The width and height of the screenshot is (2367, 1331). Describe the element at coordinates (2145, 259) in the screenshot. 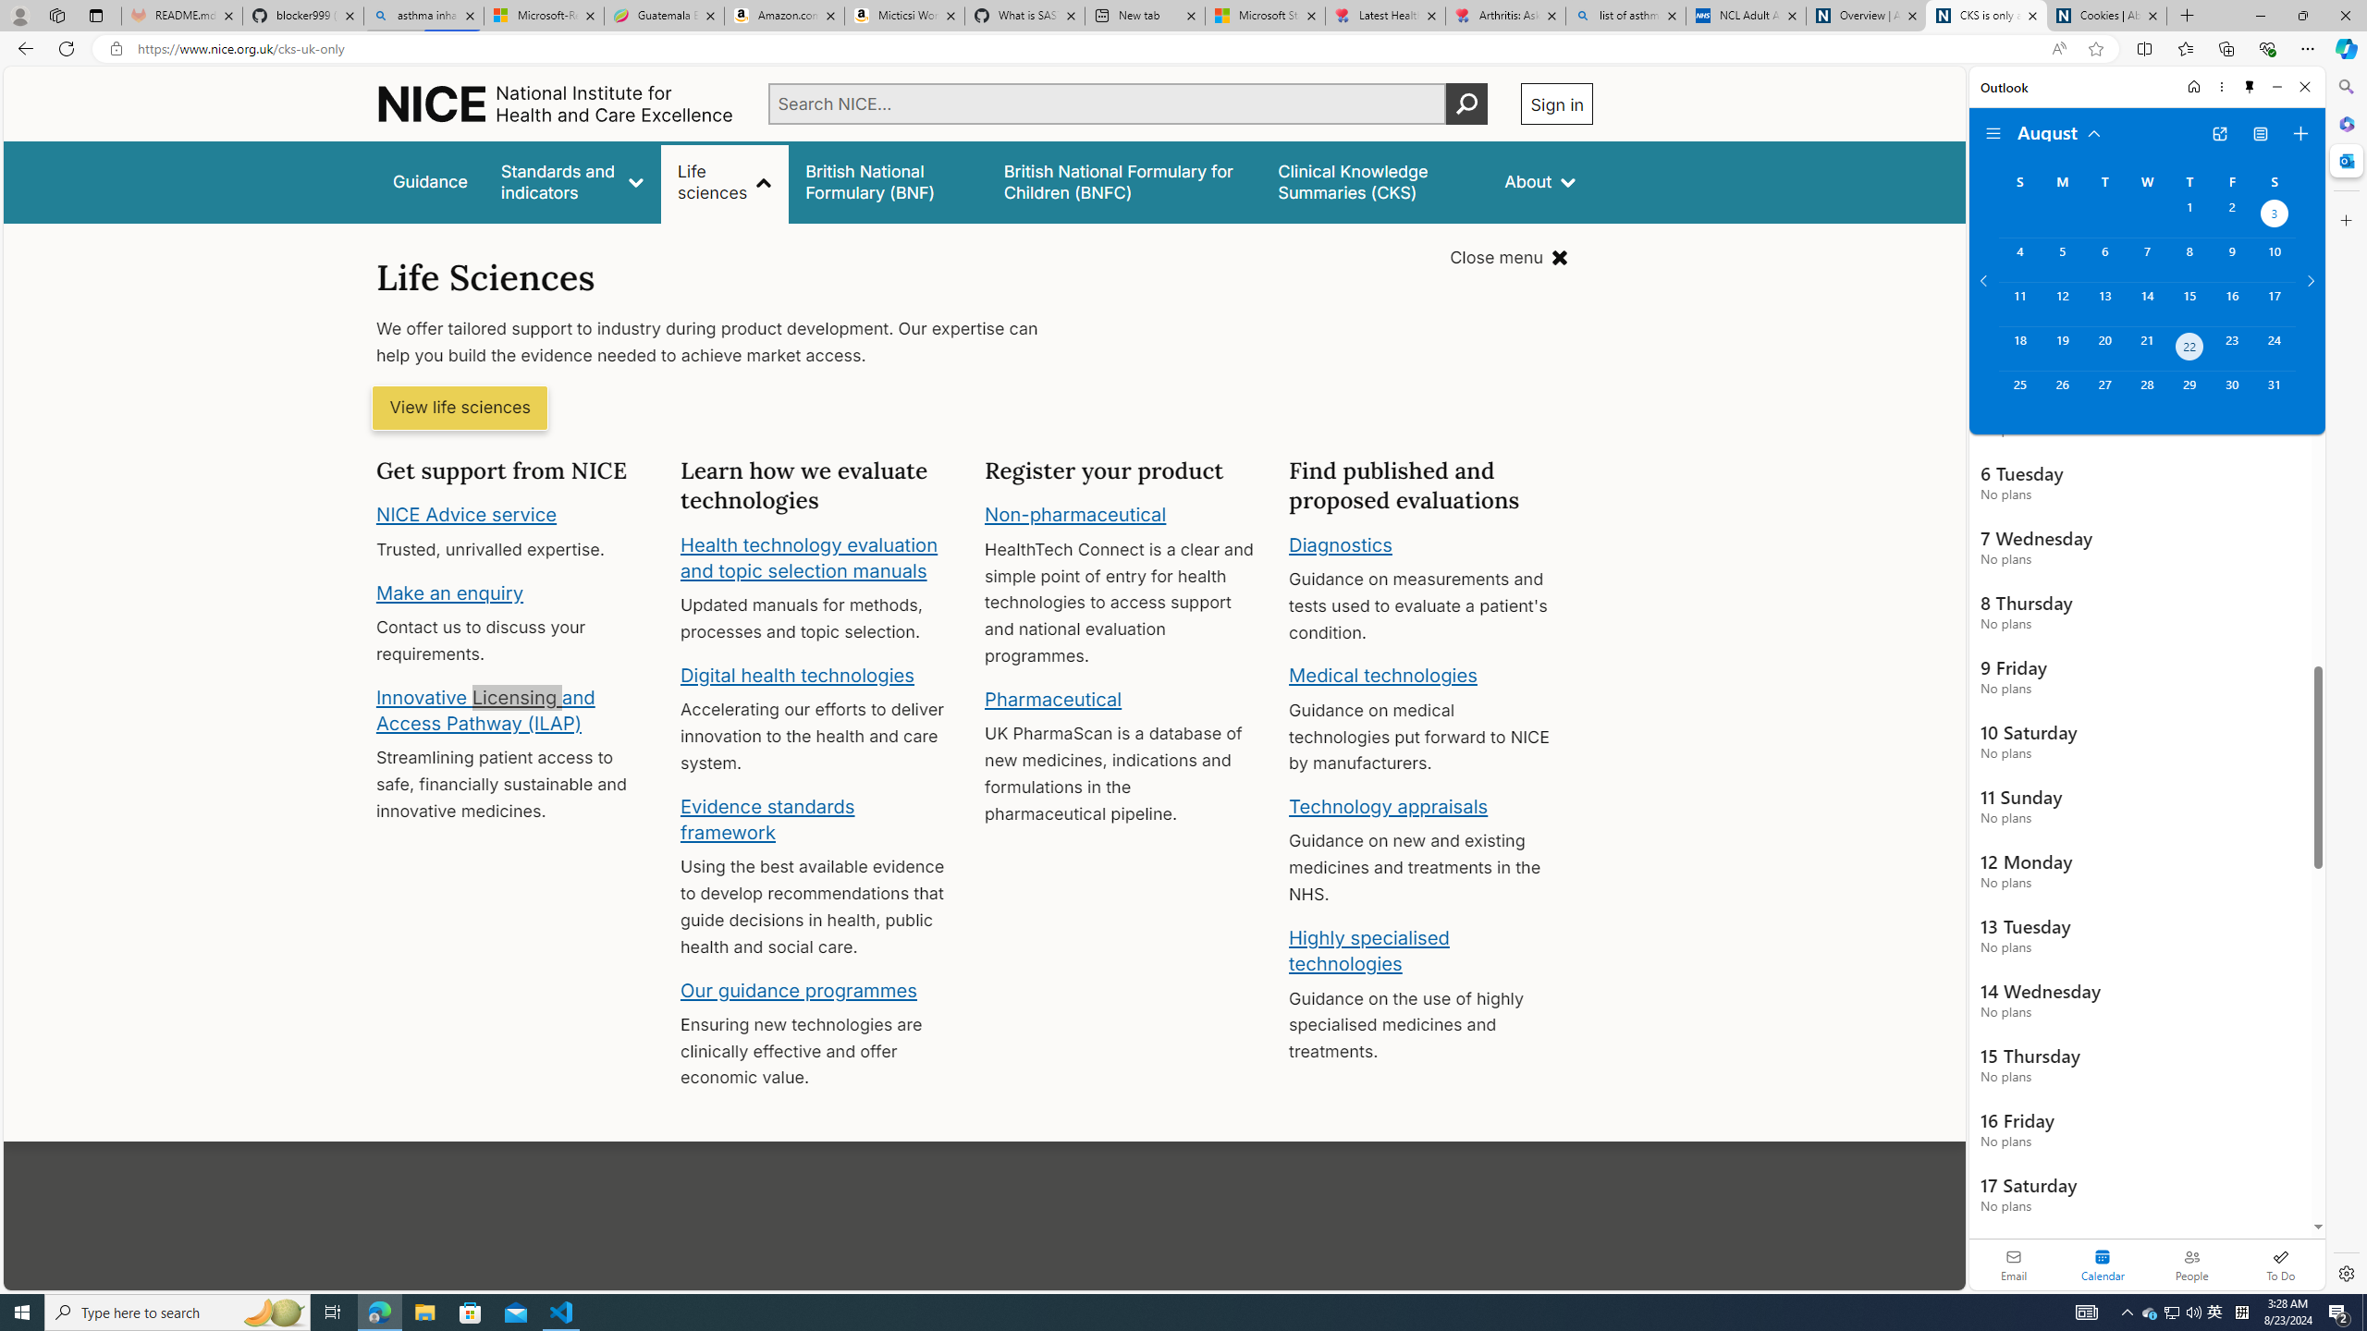

I see `'Wednesday, August 7, 2024. '` at that location.